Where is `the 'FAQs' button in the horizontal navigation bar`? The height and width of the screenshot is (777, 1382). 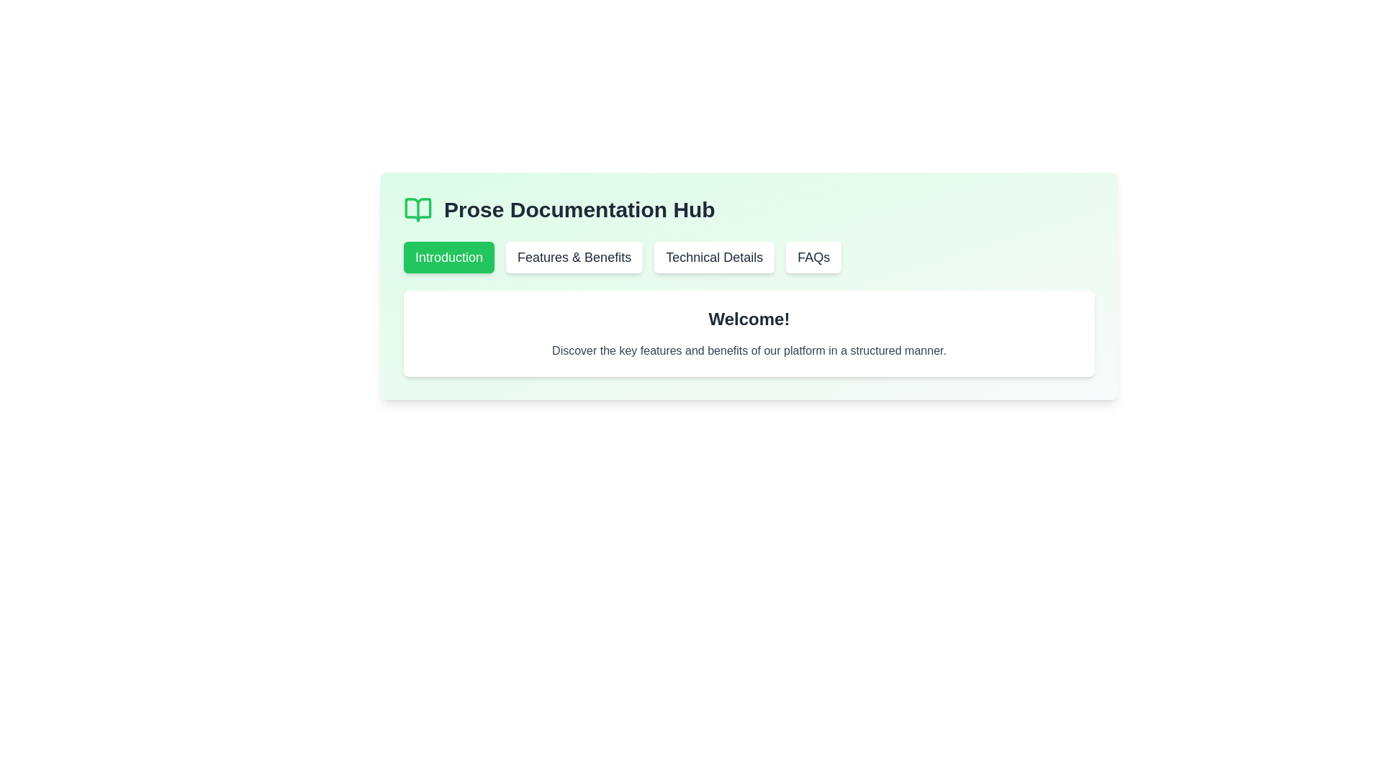 the 'FAQs' button in the horizontal navigation bar is located at coordinates (813, 257).